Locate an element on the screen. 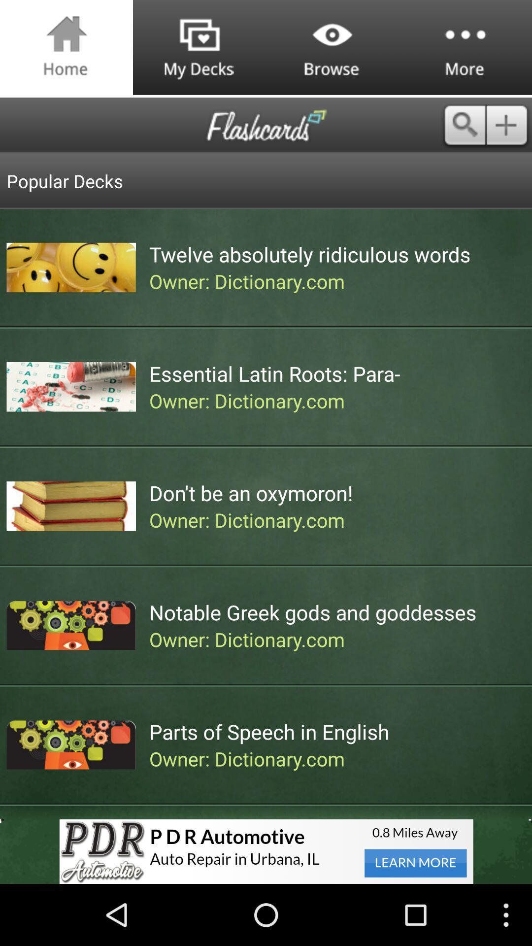 This screenshot has width=532, height=946. search is located at coordinates (464, 125).